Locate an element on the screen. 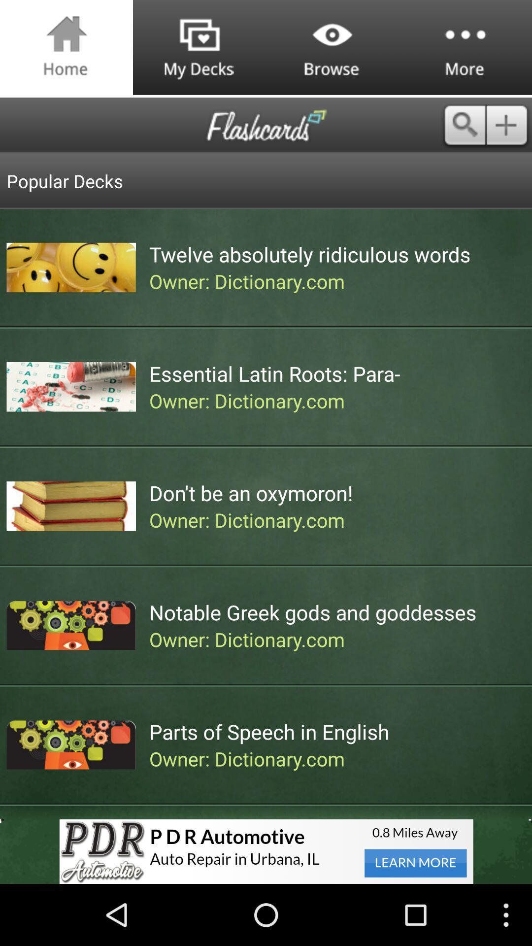 This screenshot has width=532, height=946. search is located at coordinates (464, 125).